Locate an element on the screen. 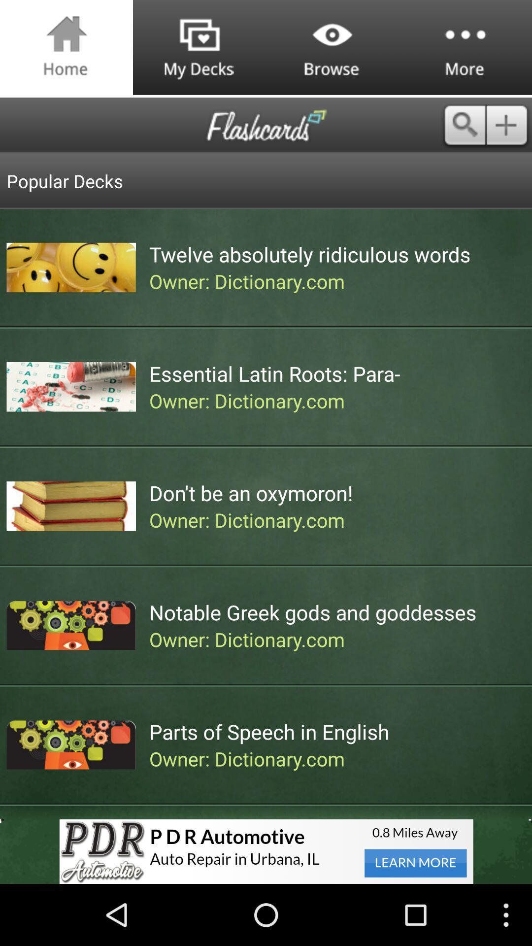 This screenshot has width=532, height=946. search is located at coordinates (464, 125).